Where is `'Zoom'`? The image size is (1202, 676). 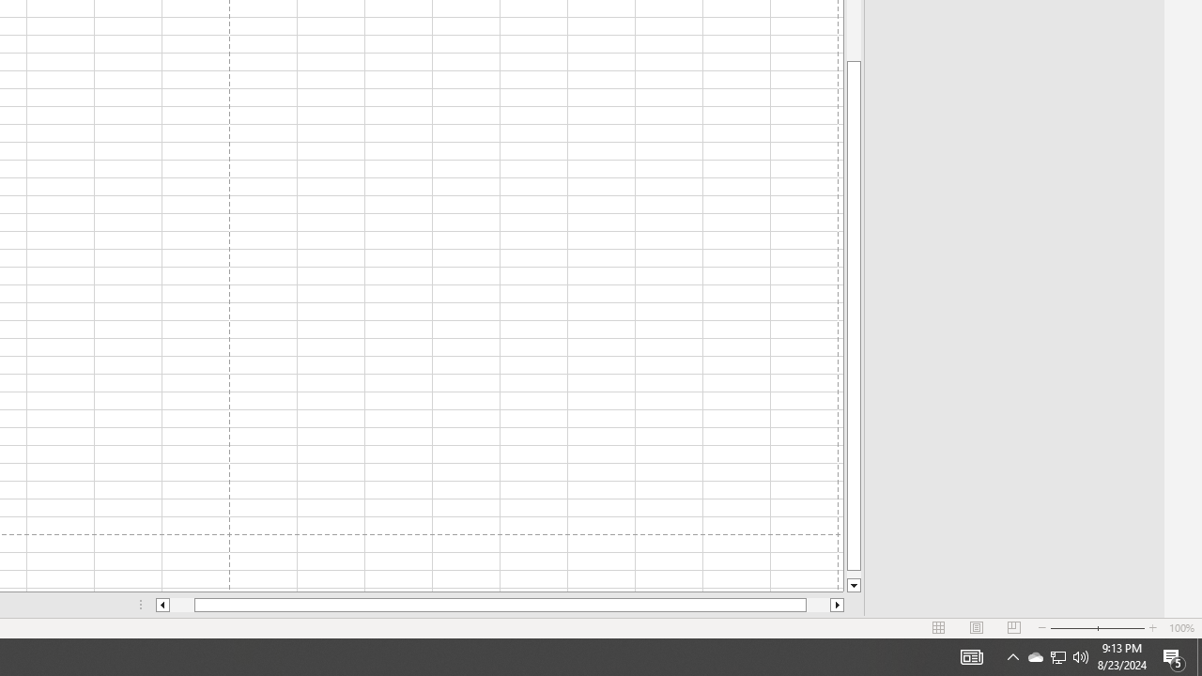
'Zoom' is located at coordinates (1097, 628).